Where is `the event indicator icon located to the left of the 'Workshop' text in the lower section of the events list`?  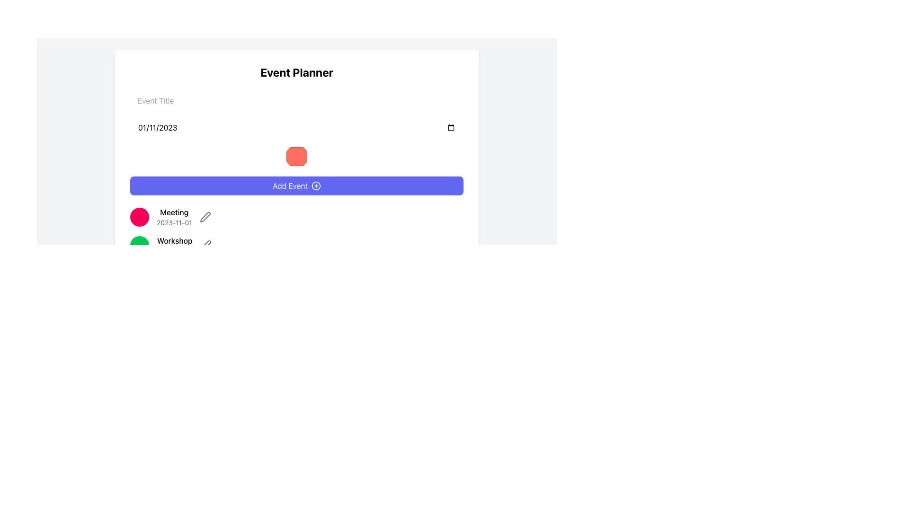 the event indicator icon located to the left of the 'Workshop' text in the lower section of the events list is located at coordinates (139, 245).